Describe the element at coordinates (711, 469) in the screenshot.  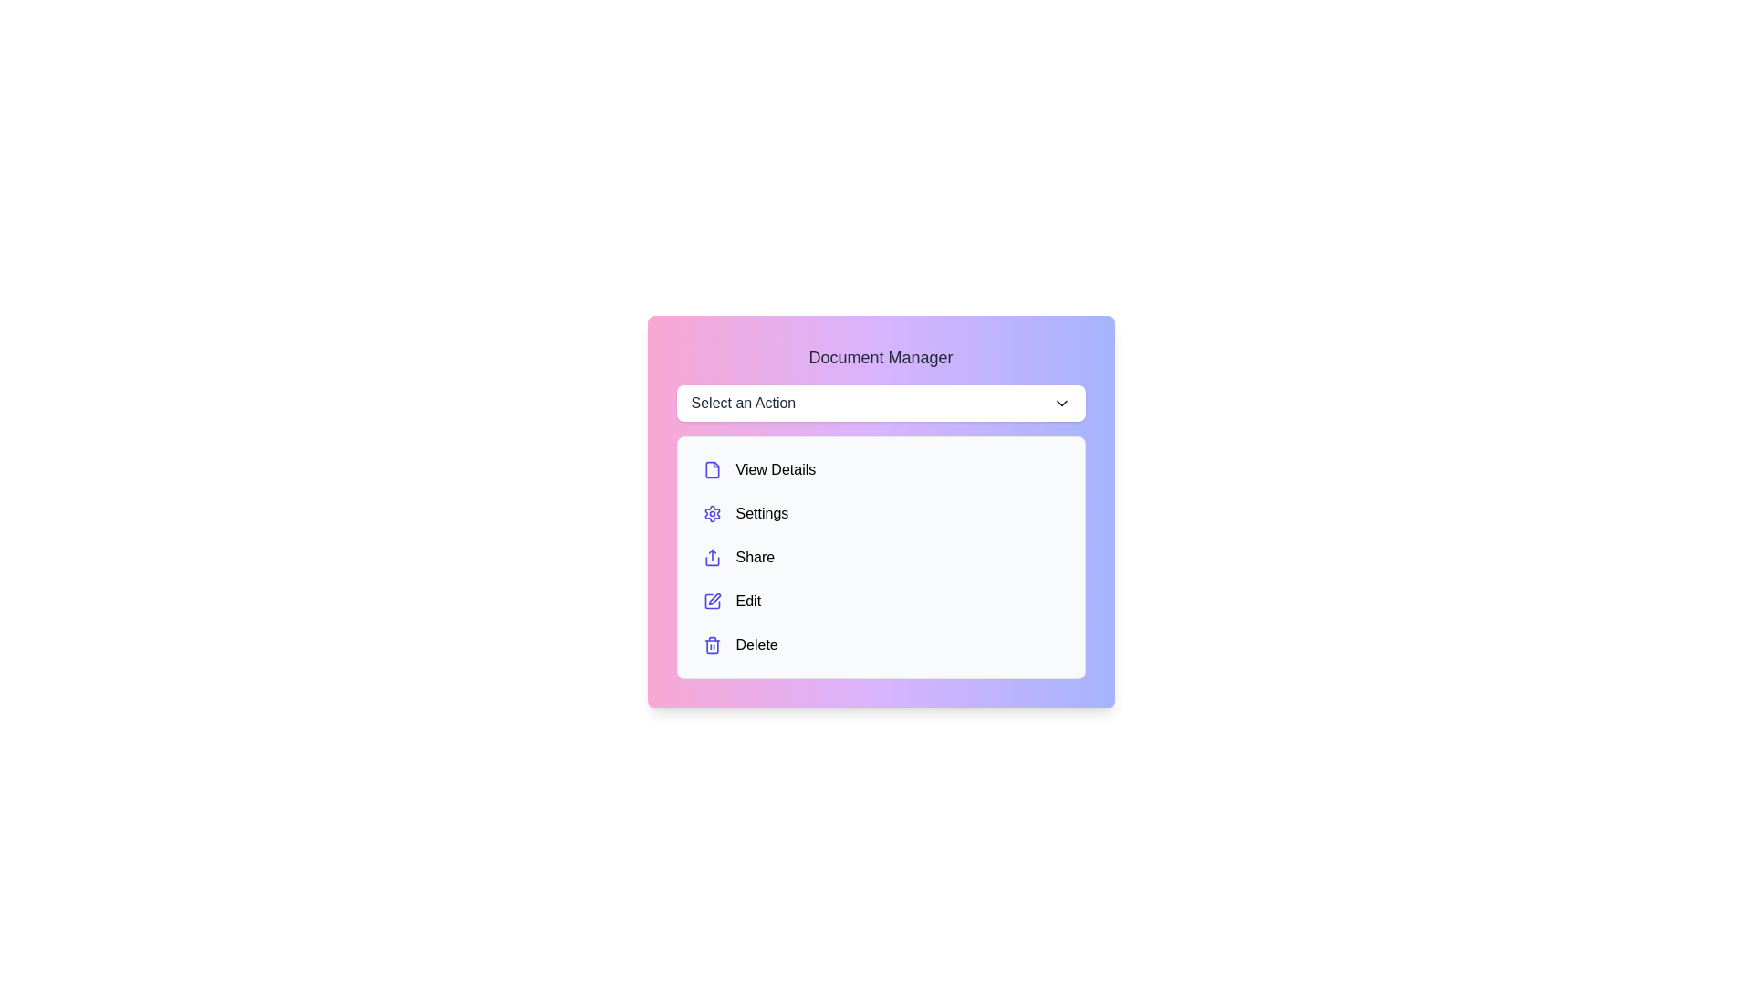
I see `the indigo file document icon located in the 'View Details' menu item, aligned with the start of the text` at that location.